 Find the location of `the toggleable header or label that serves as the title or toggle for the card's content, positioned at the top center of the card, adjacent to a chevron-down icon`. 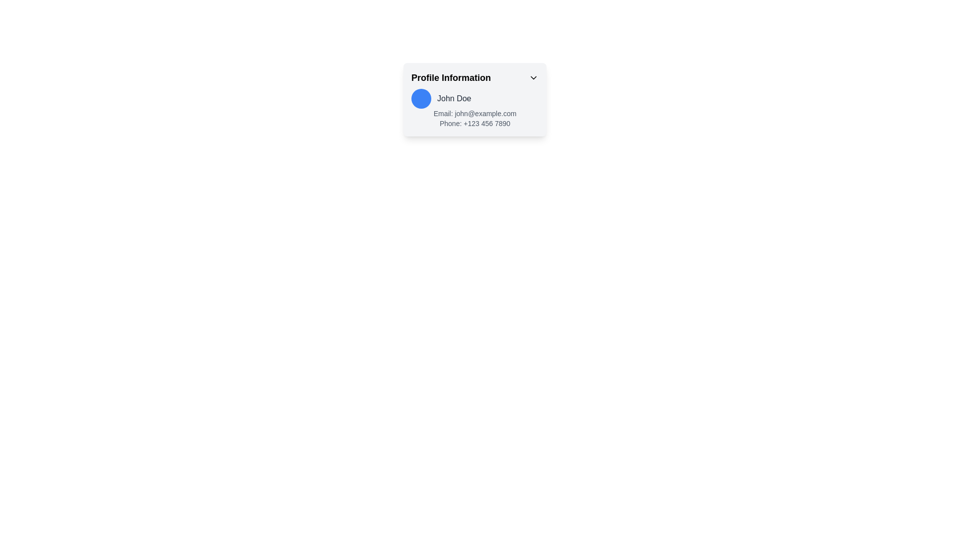

the toggleable header or label that serves as the title or toggle for the card's content, positioned at the top center of the card, adjacent to a chevron-down icon is located at coordinates (474, 77).